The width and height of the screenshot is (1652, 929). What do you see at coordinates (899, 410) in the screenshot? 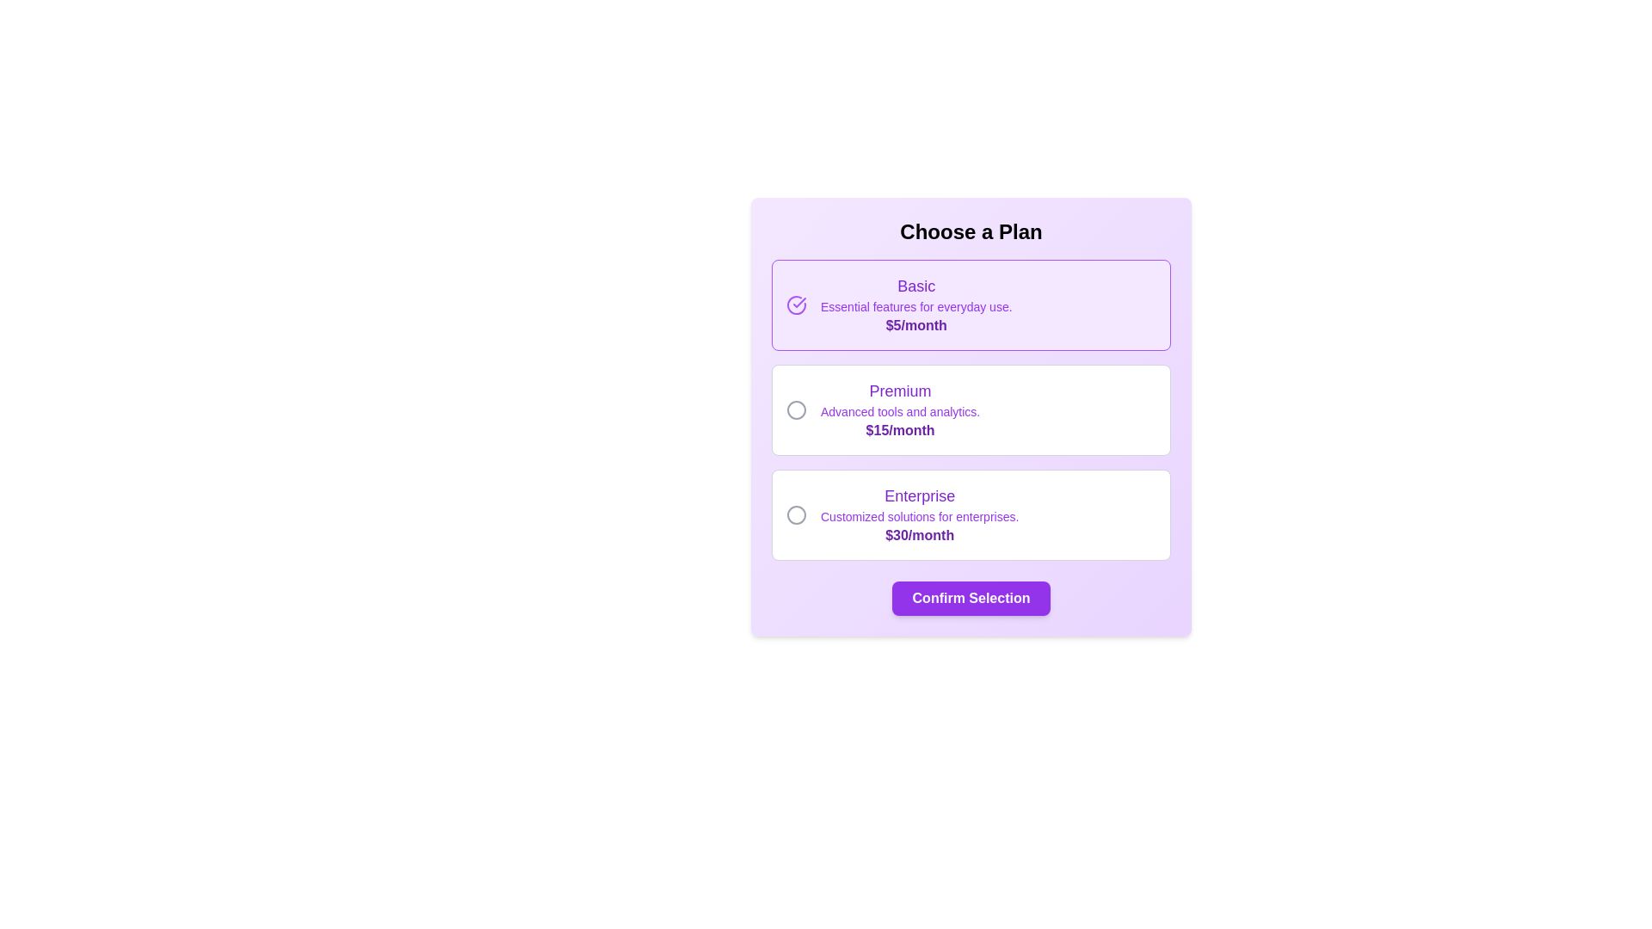
I see `the 'Premium' text block in the 'Choose a Plan' section, which includes the texts 'Premium', 'Advanced tools and analytics.', and '$15/month', styled with purple colors and a white background` at bounding box center [899, 410].